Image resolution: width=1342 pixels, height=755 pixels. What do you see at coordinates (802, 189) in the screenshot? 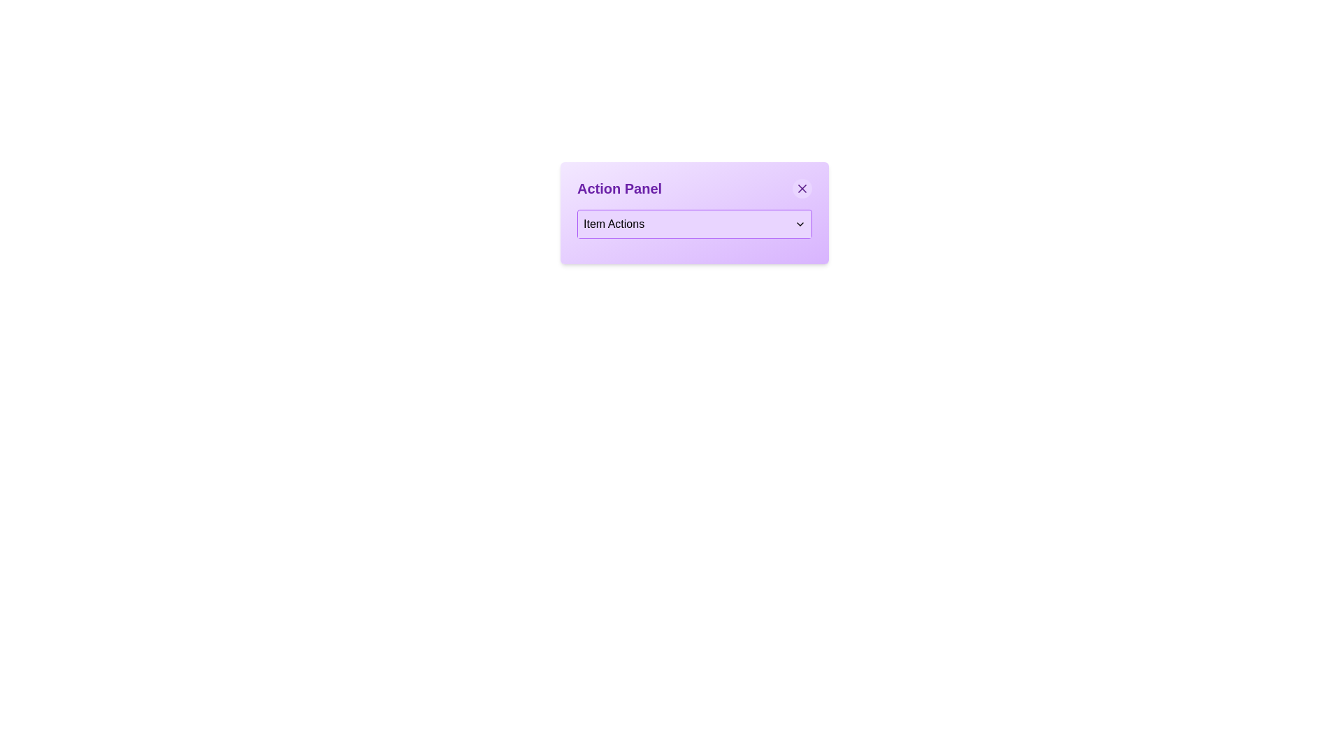
I see `the close button located at the top-right corner of the Action Panel` at bounding box center [802, 189].